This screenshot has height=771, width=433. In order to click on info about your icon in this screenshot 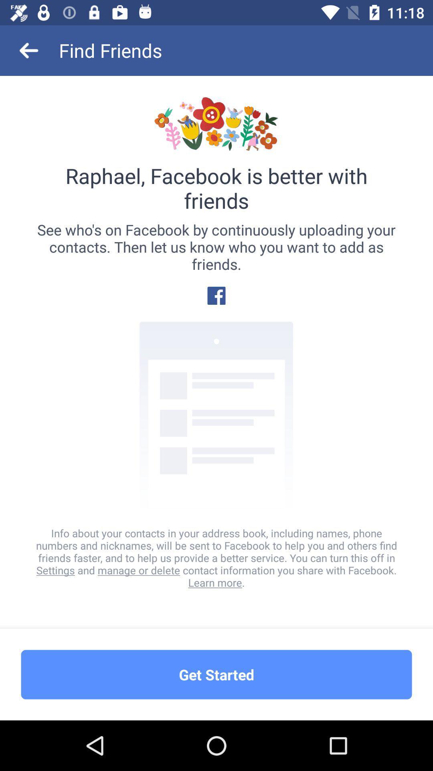, I will do `click(216, 557)`.